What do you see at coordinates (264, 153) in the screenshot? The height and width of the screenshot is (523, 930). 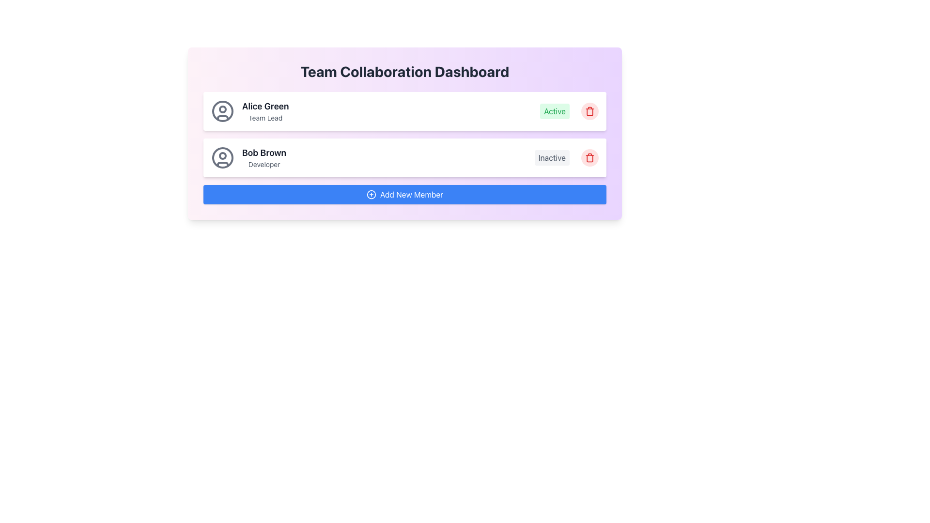 I see `the Text label displaying the name 'Bob Brown', which identifies a team member within the team management interface` at bounding box center [264, 153].